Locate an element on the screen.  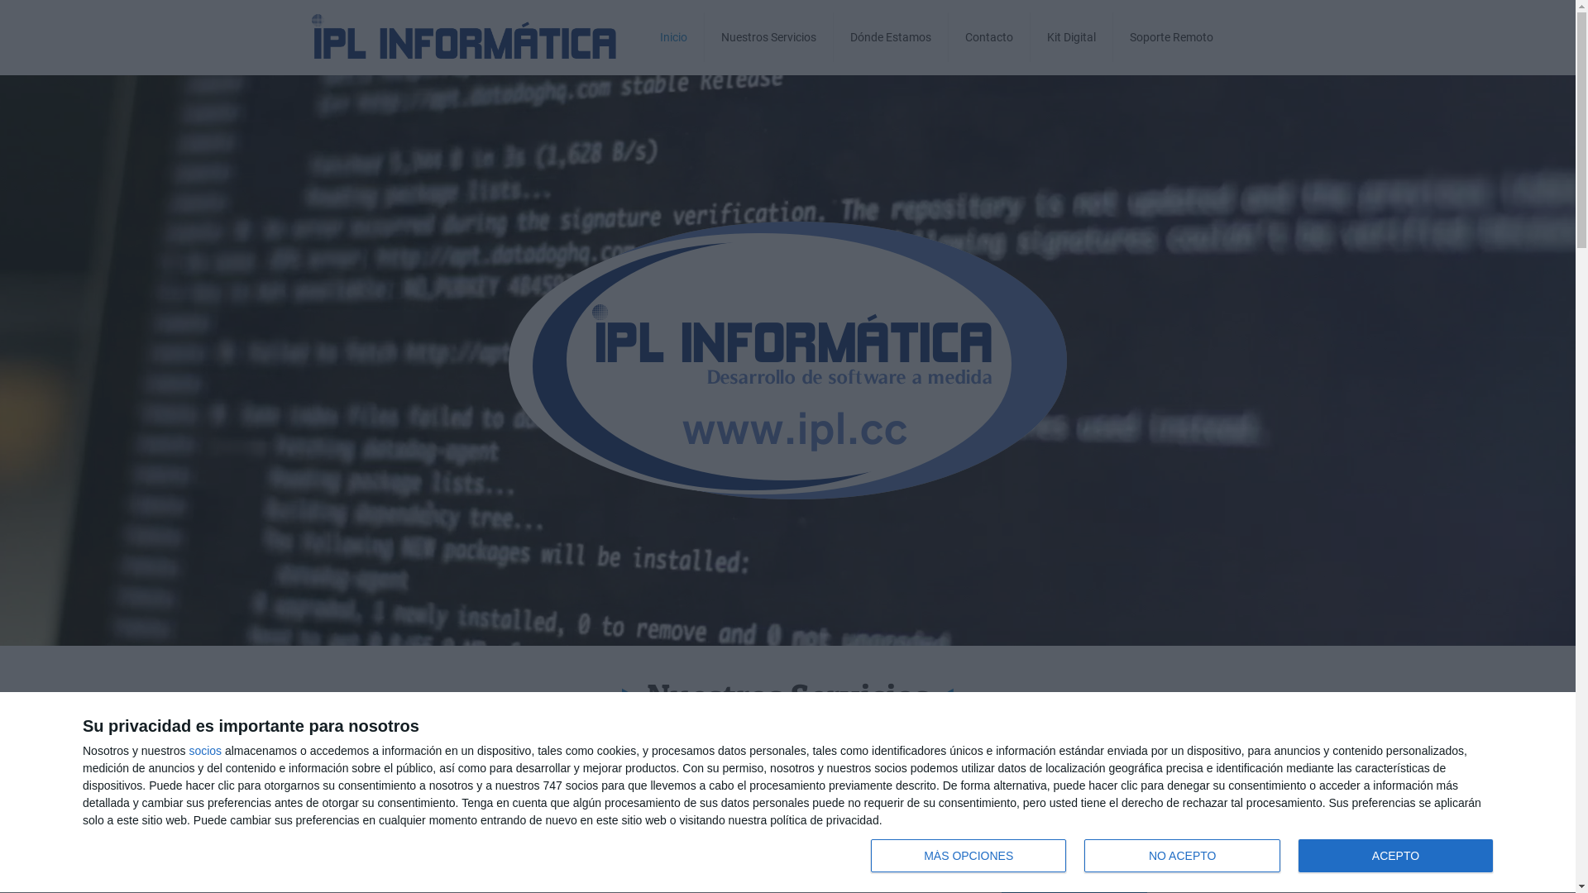
'Kit Digital' is located at coordinates (1072, 37).